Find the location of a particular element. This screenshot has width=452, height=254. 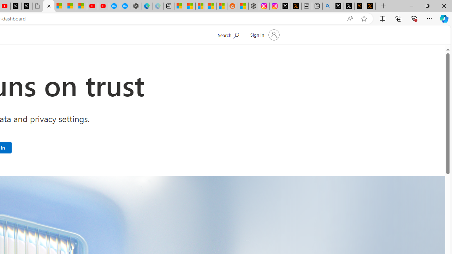

'The most popular Google ' is located at coordinates (125, 6).